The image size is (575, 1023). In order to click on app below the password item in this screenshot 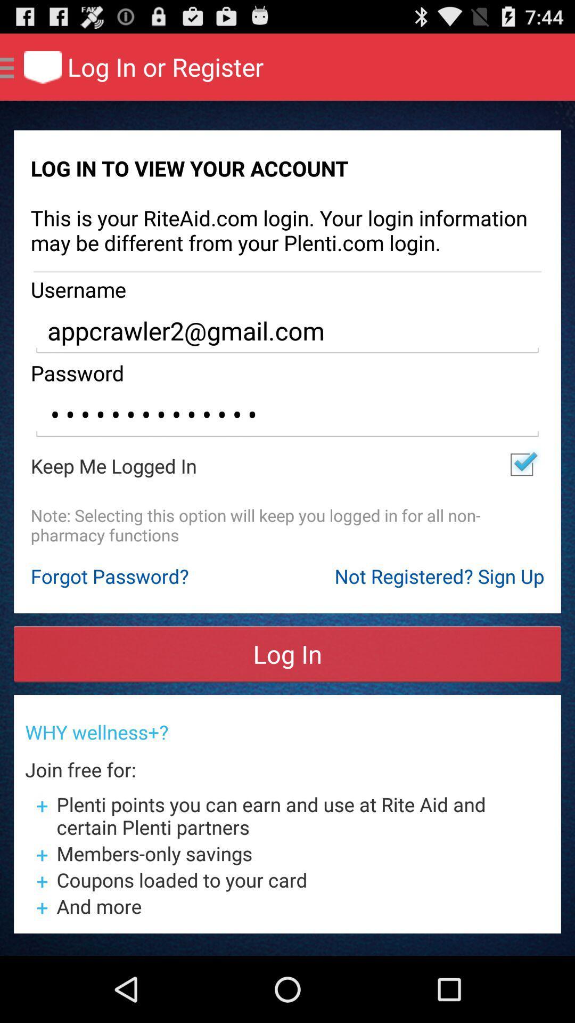, I will do `click(287, 414)`.